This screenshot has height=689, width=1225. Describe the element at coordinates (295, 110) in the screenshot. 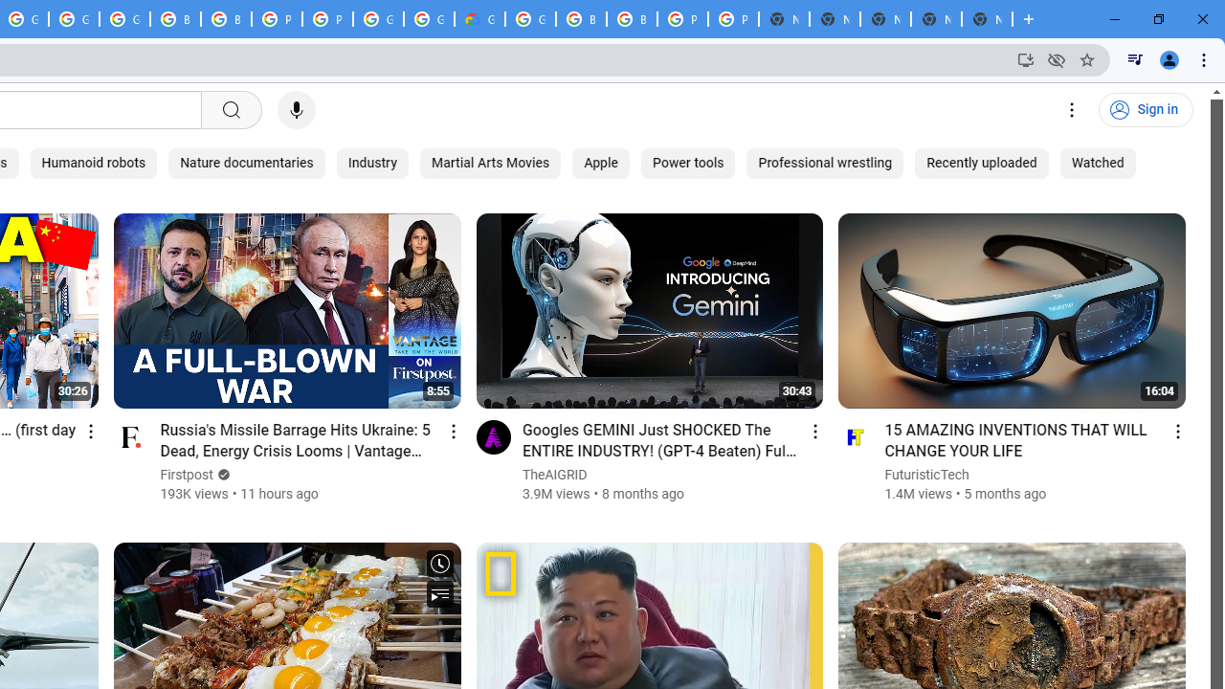

I see `'Search with your voice'` at that location.